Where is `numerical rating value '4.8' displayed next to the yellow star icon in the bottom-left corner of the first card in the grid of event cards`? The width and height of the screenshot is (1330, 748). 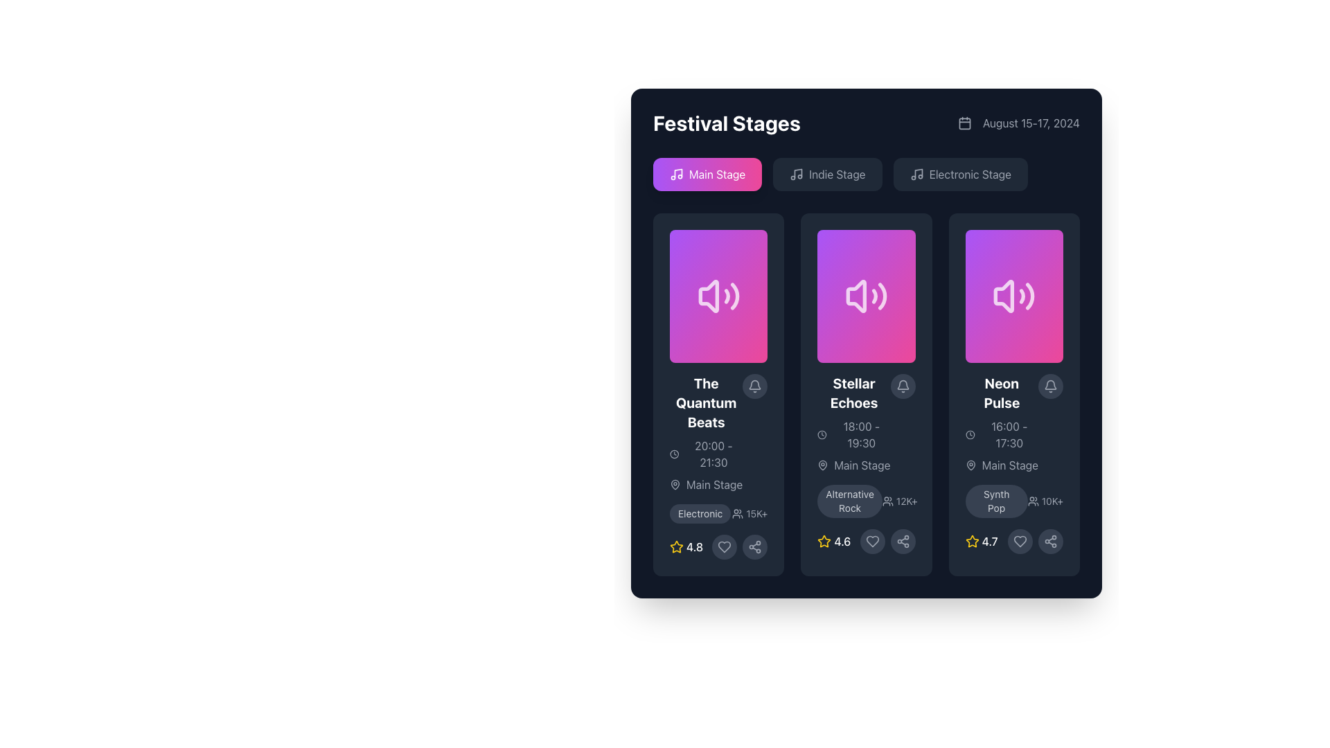
numerical rating value '4.8' displayed next to the yellow star icon in the bottom-left corner of the first card in the grid of event cards is located at coordinates (686, 546).